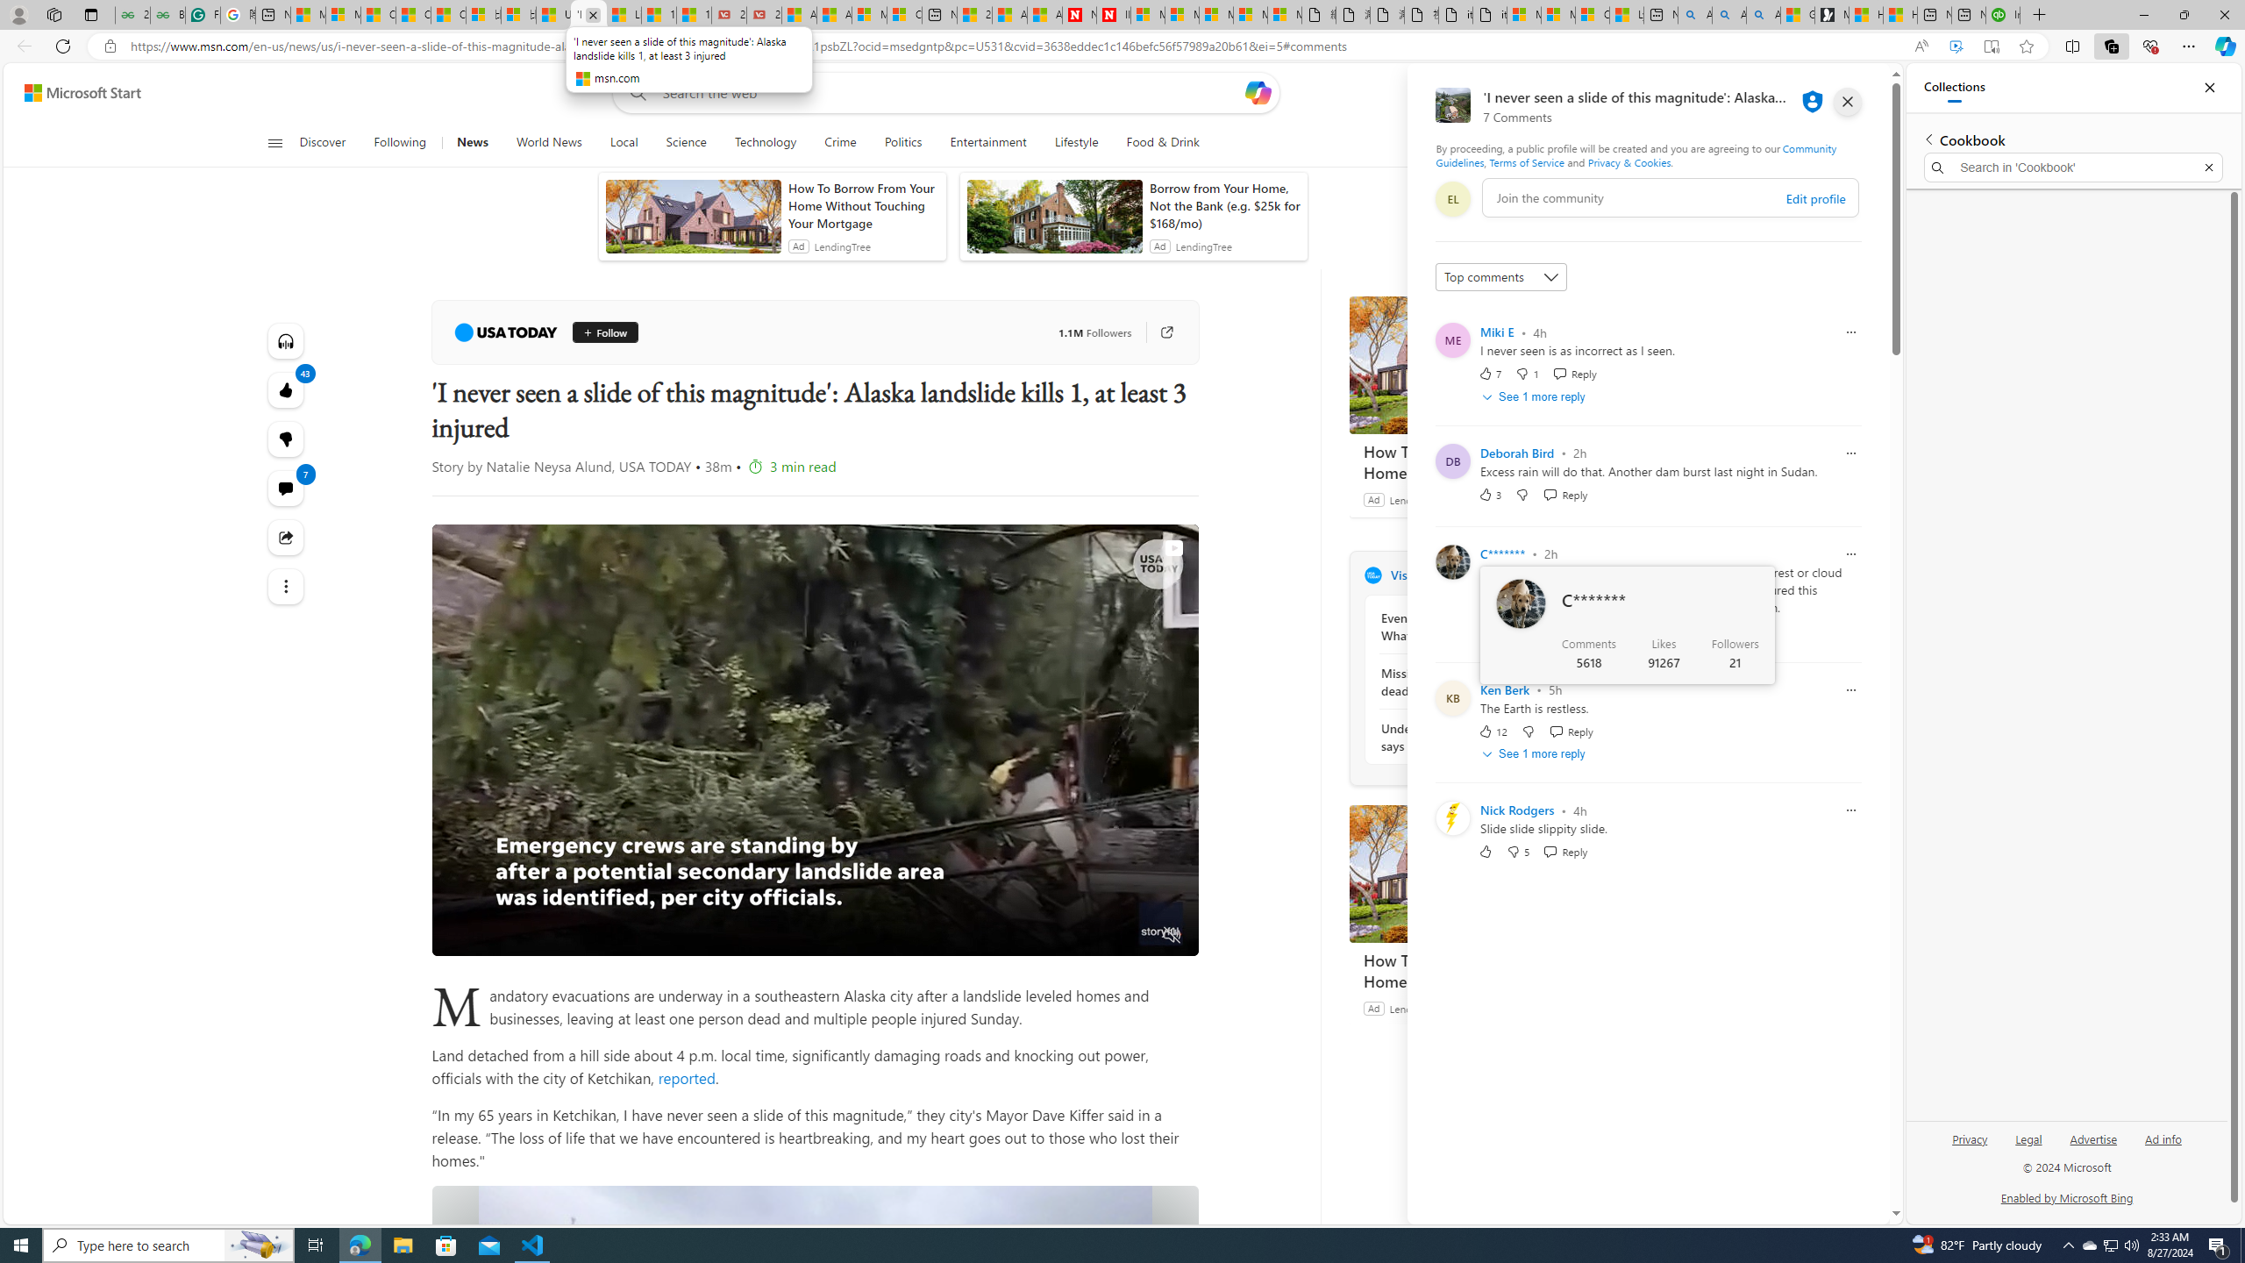 Image resolution: width=2245 pixels, height=1263 pixels. I want to click on 'Class: at-item', so click(285, 585).